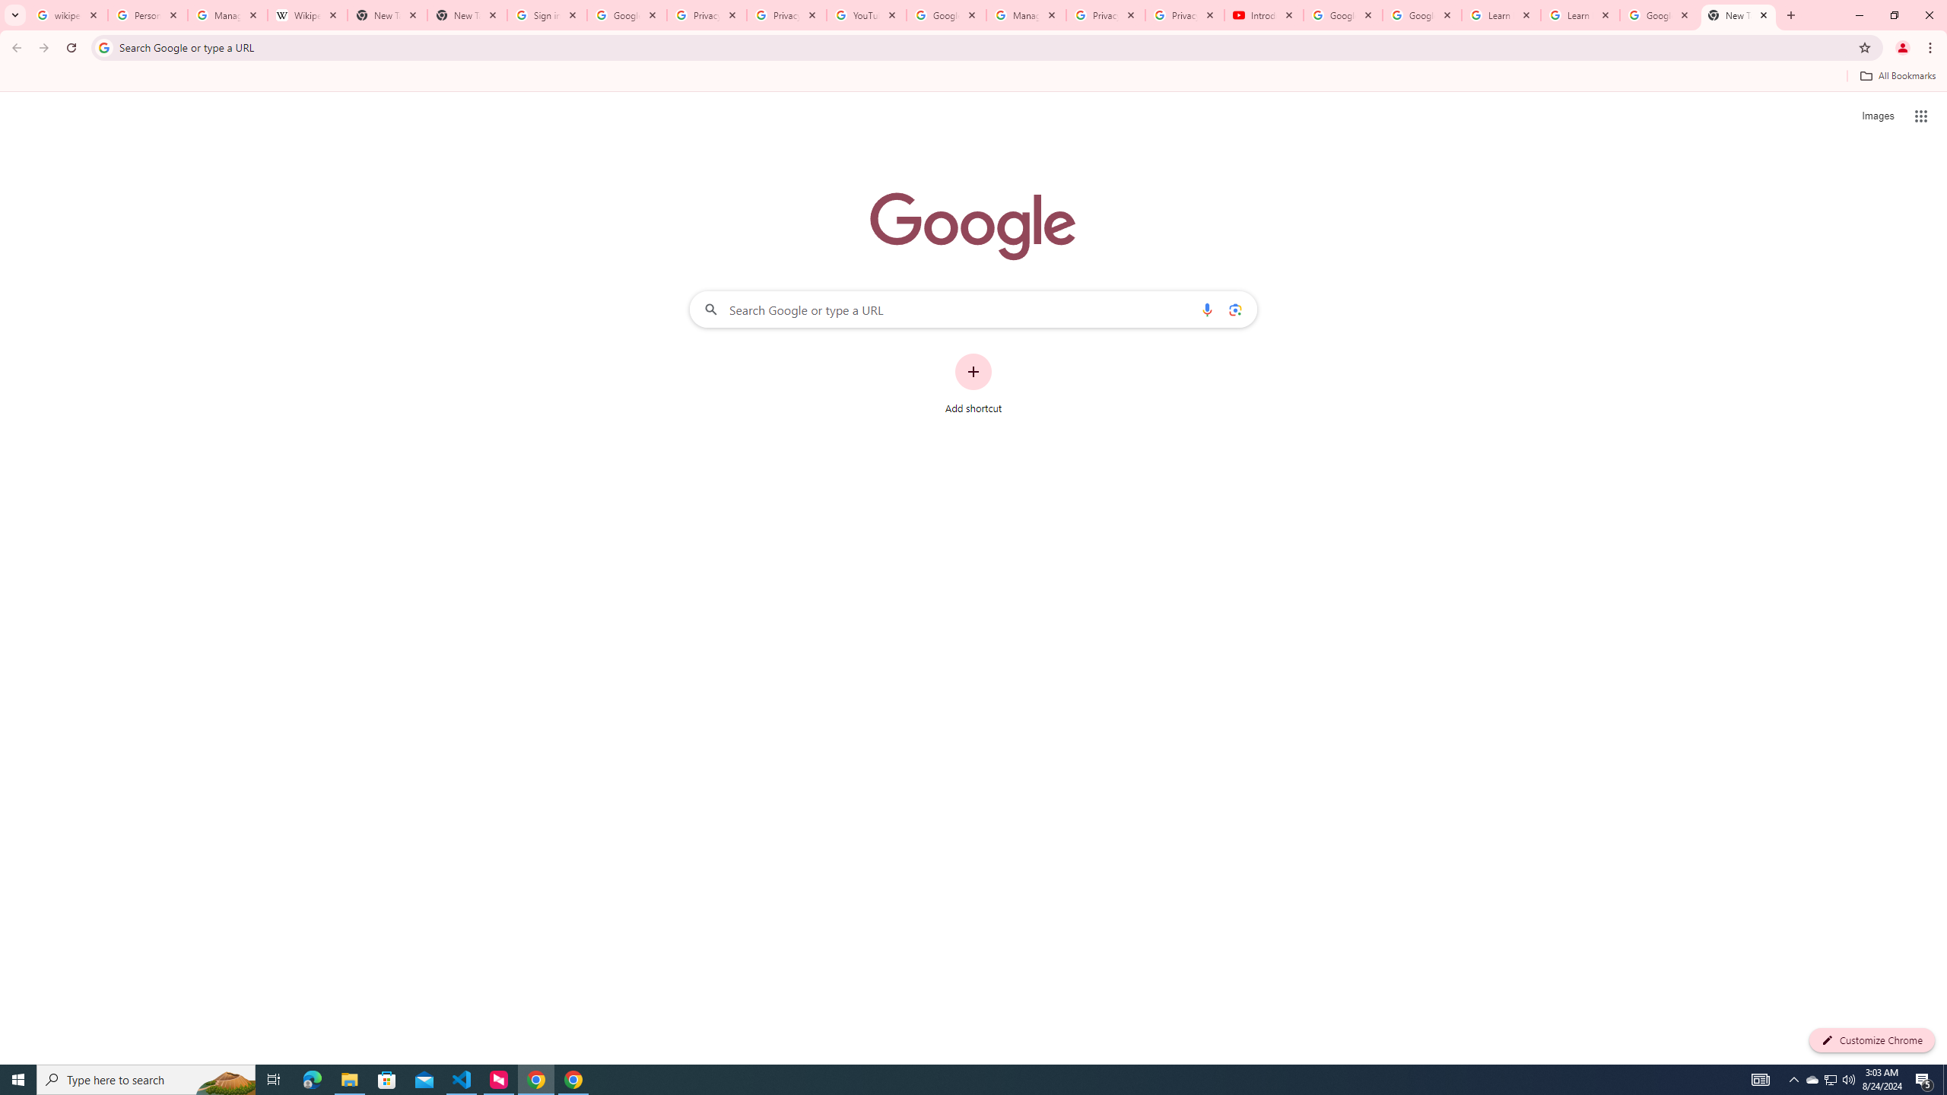 The width and height of the screenshot is (1947, 1095). I want to click on 'Sign in - Google Accounts', so click(546, 14).